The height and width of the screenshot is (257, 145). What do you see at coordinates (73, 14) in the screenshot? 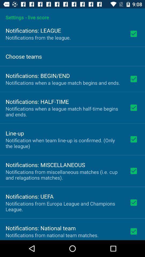
I see `settings - live score app` at bounding box center [73, 14].